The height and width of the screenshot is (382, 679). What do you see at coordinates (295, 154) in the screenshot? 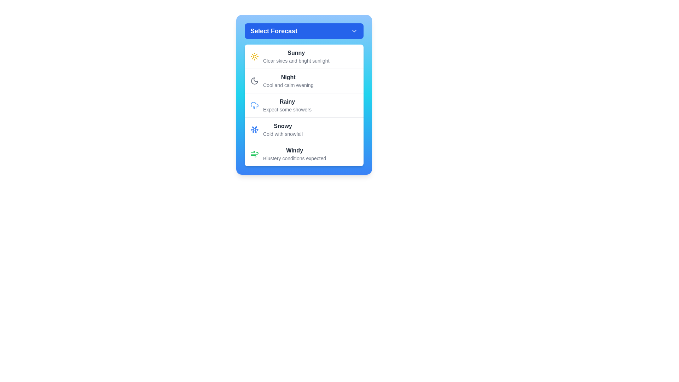
I see `text content of the 'Windy' option in the weather selection dropdown menu, which is the last item in the list and includes a wind icon to its left` at bounding box center [295, 154].